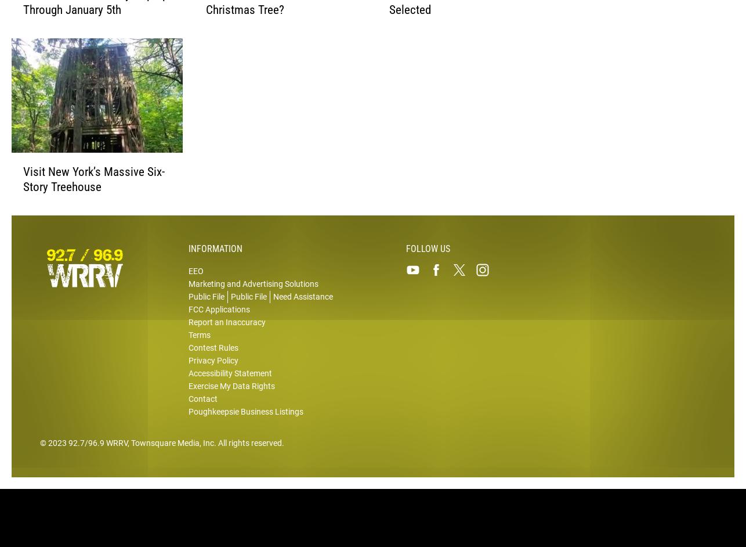  I want to click on 'Poughkeepsie Business Listings', so click(245, 417).